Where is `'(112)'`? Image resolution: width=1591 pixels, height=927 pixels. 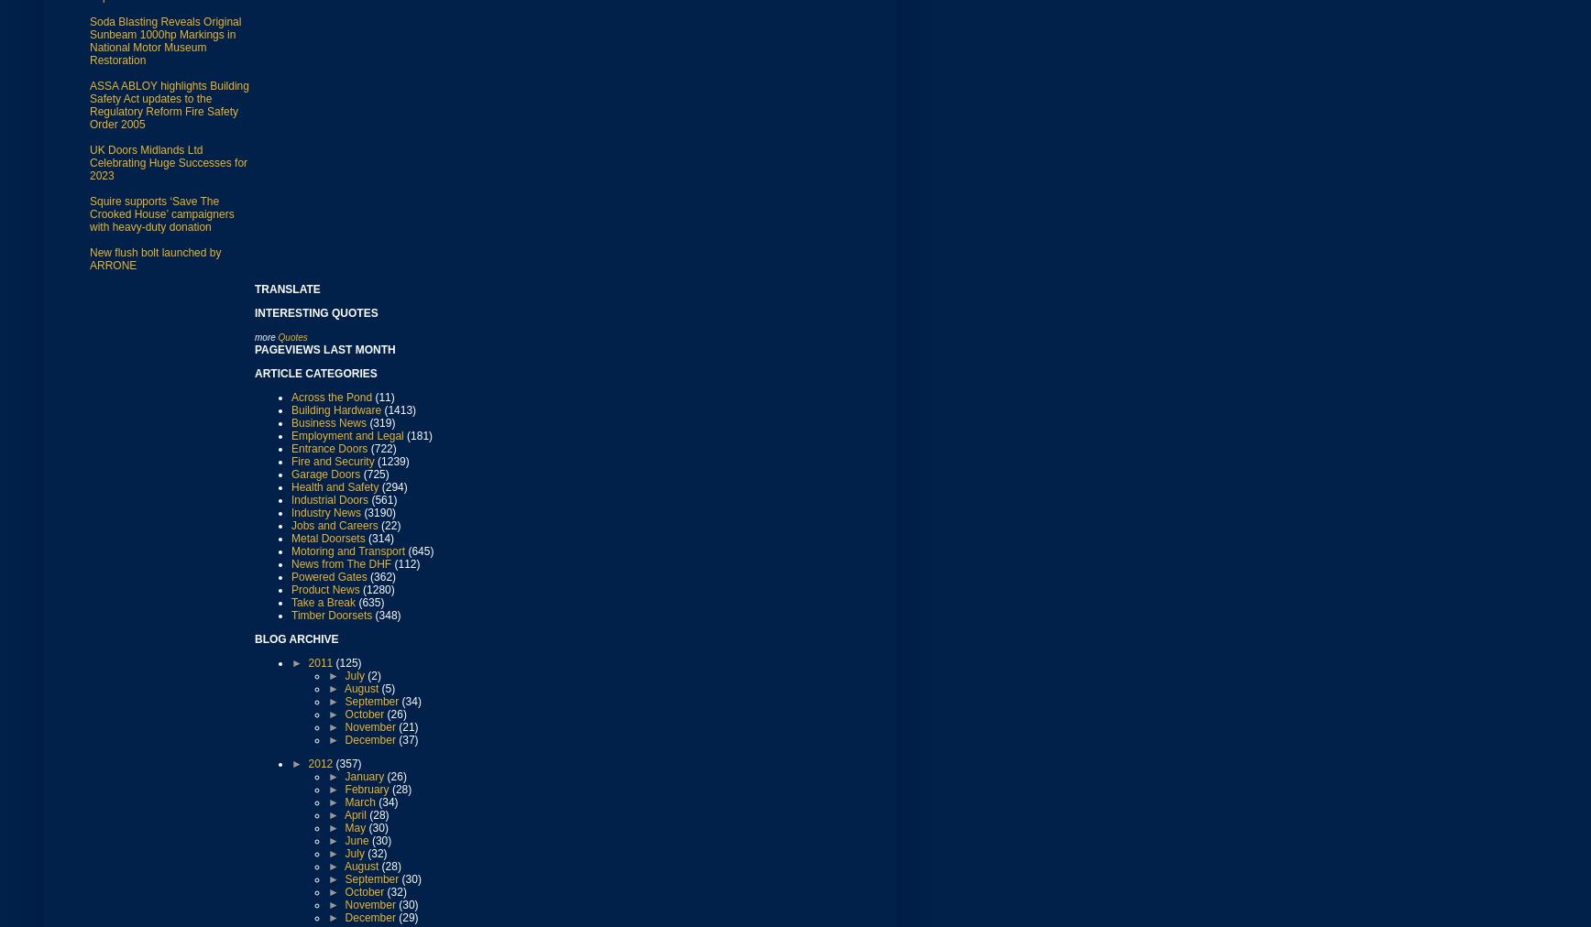
'(112)' is located at coordinates (407, 562).